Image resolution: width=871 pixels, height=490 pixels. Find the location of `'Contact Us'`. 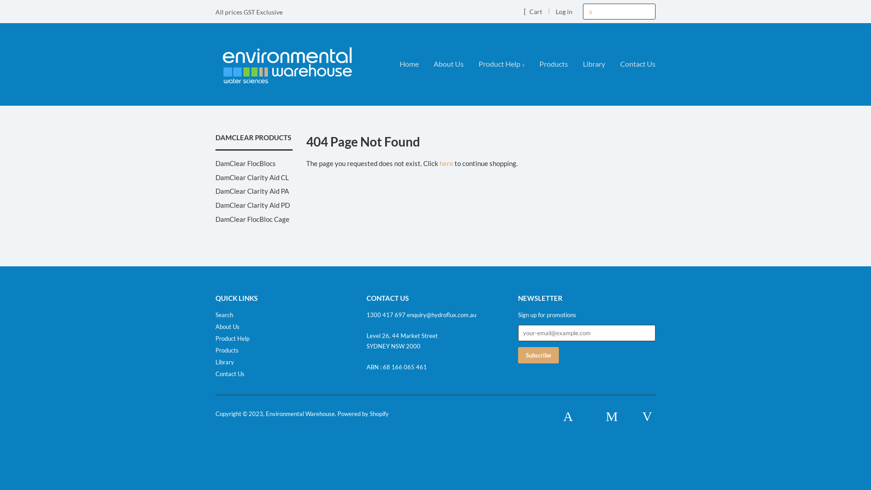

'Contact Us' is located at coordinates (634, 64).